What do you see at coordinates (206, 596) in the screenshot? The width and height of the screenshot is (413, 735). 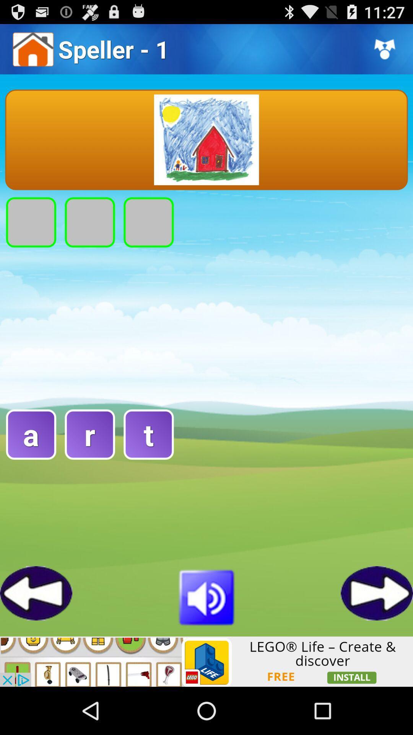 I see `turn music off` at bounding box center [206, 596].